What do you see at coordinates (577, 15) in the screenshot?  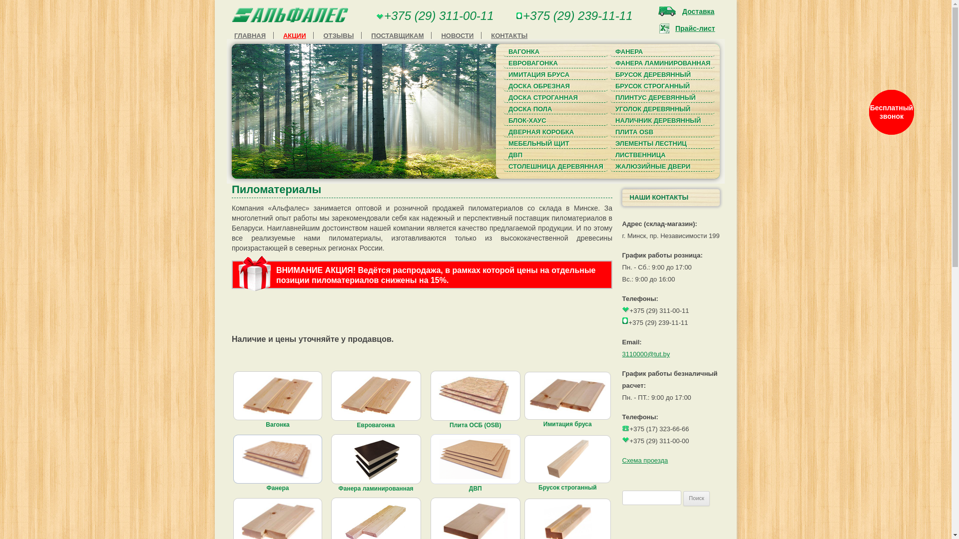 I see `'+375 (29) 239-11-11'` at bounding box center [577, 15].